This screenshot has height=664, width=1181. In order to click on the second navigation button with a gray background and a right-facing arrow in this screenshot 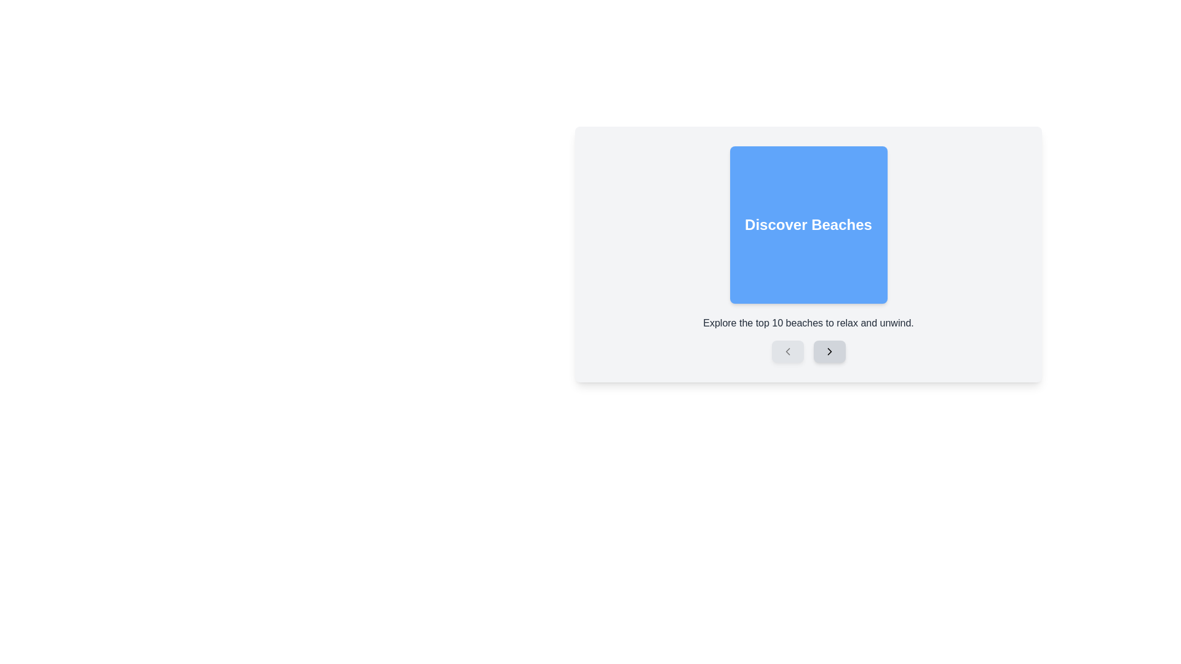, I will do `click(829, 351)`.